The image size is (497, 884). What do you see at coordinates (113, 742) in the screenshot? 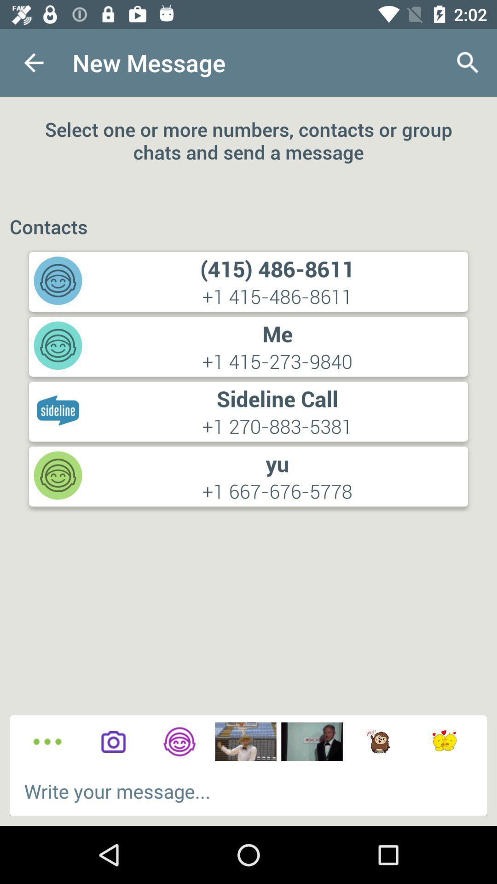
I see `take or upload a photograph` at bounding box center [113, 742].